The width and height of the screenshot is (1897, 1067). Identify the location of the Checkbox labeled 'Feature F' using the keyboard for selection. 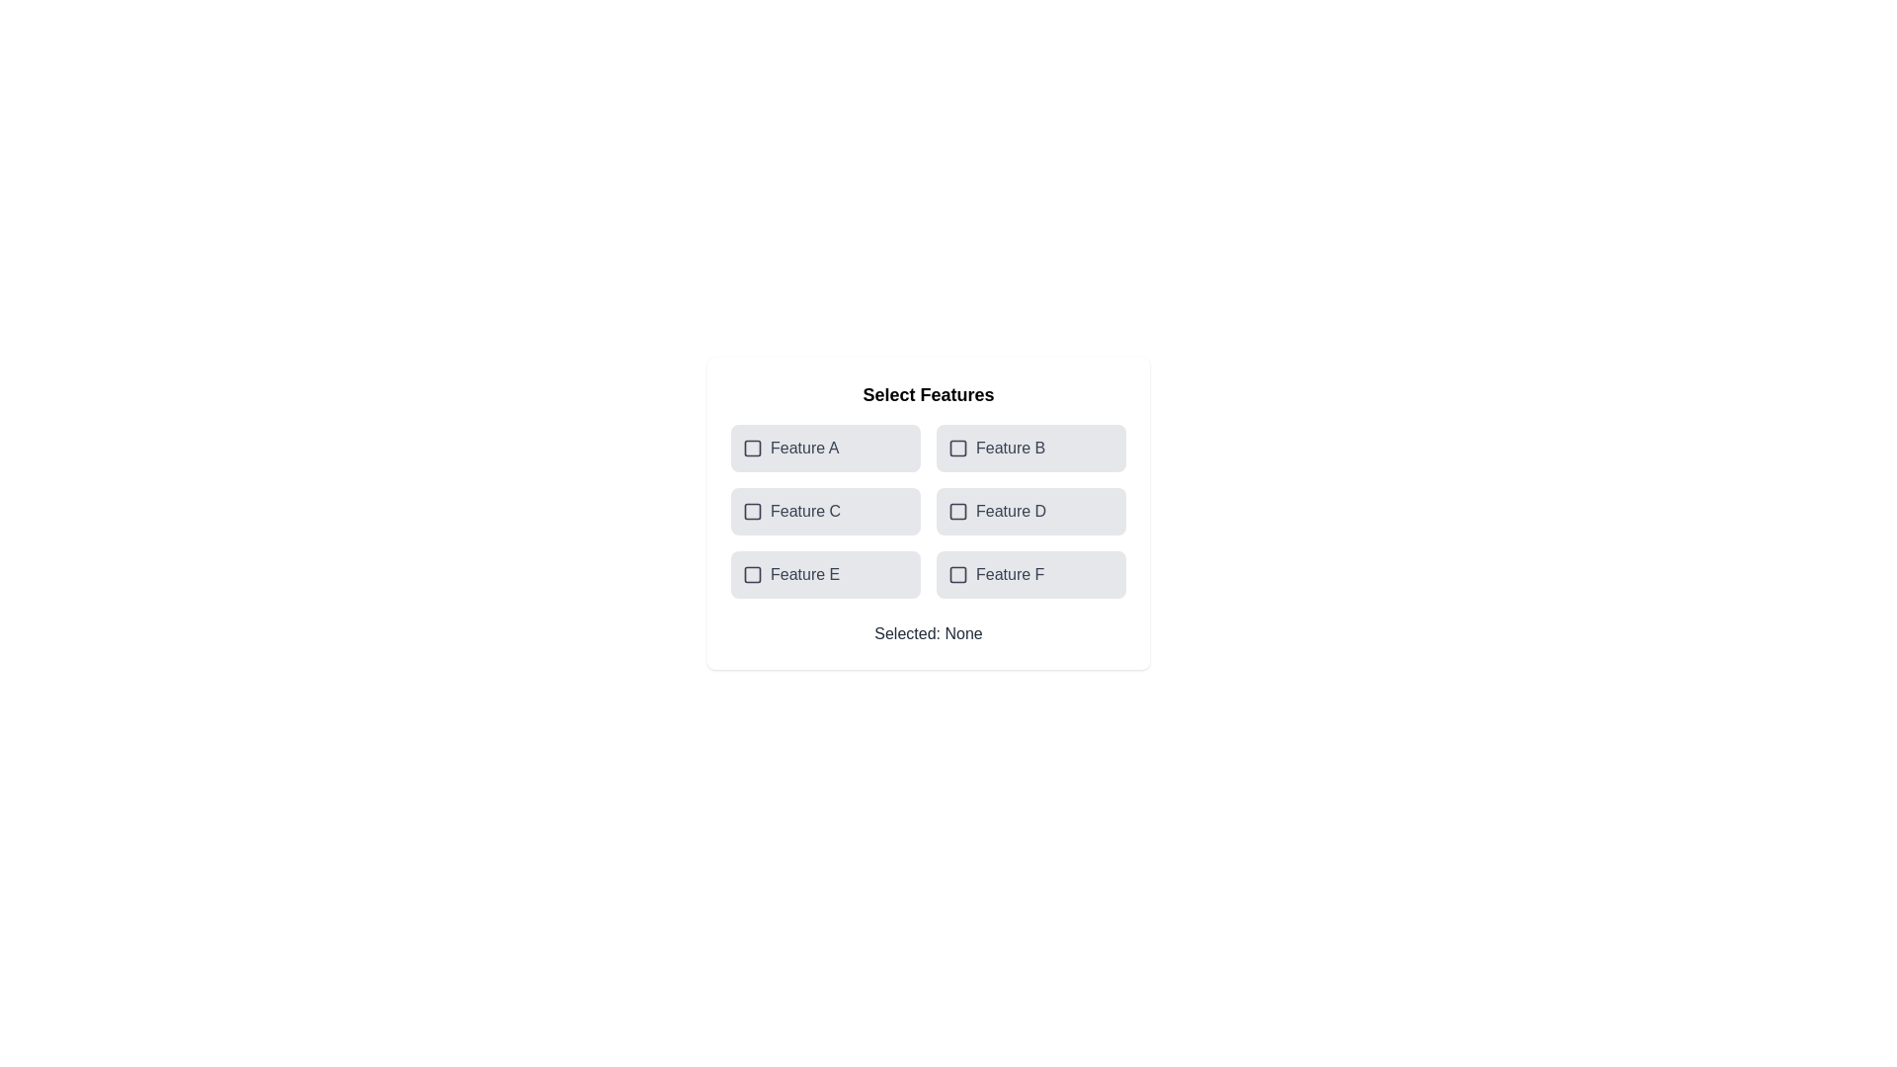
(1030, 575).